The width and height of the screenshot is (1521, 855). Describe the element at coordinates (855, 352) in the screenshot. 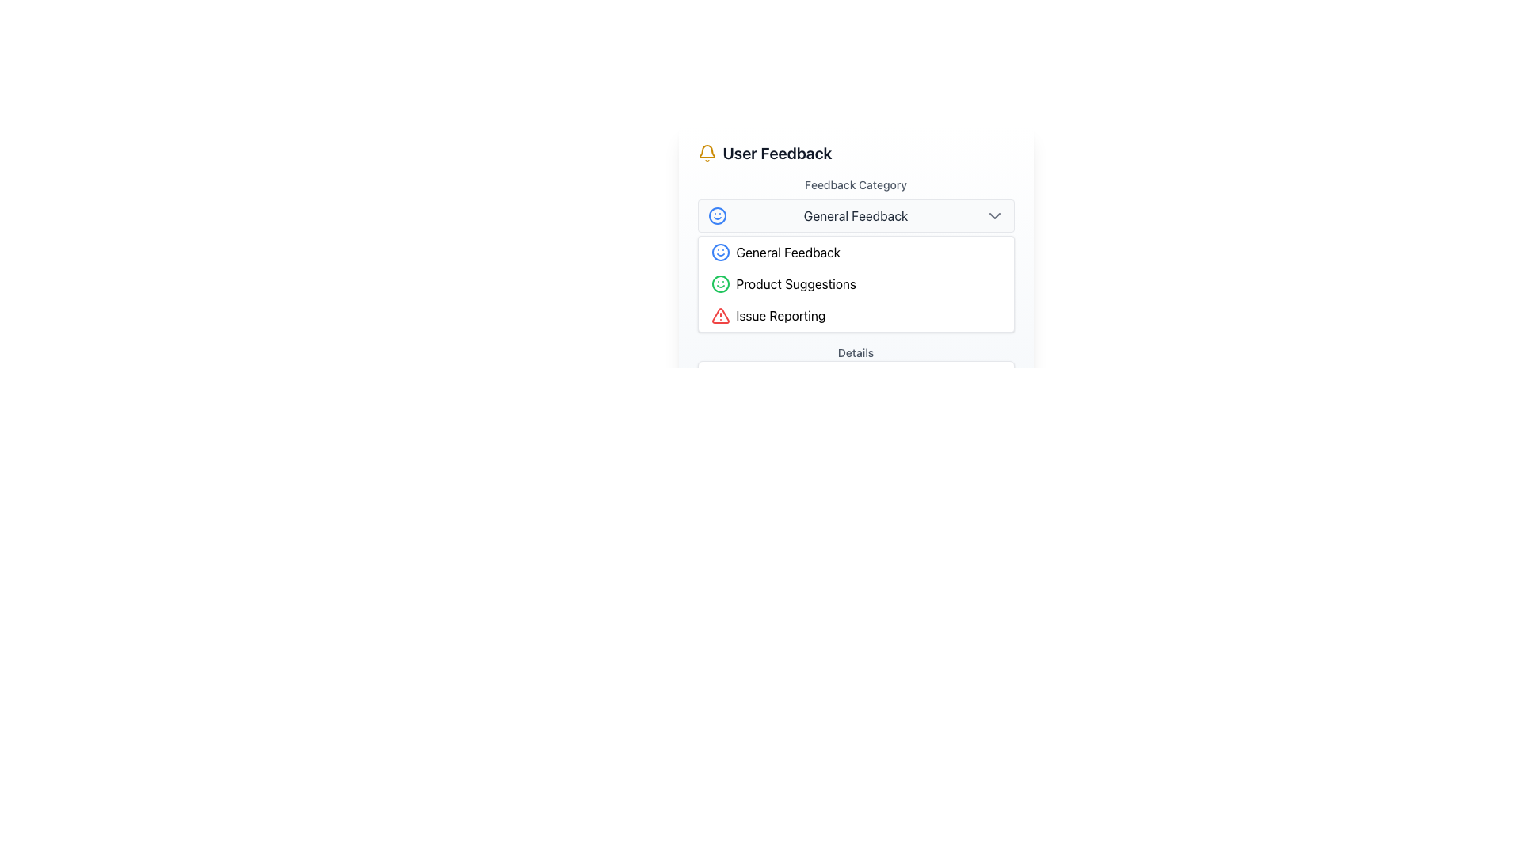

I see `the 'Details' text label, which is styled in gray (#606060) and positioned directly below the feedback options in the user feedback section` at that location.